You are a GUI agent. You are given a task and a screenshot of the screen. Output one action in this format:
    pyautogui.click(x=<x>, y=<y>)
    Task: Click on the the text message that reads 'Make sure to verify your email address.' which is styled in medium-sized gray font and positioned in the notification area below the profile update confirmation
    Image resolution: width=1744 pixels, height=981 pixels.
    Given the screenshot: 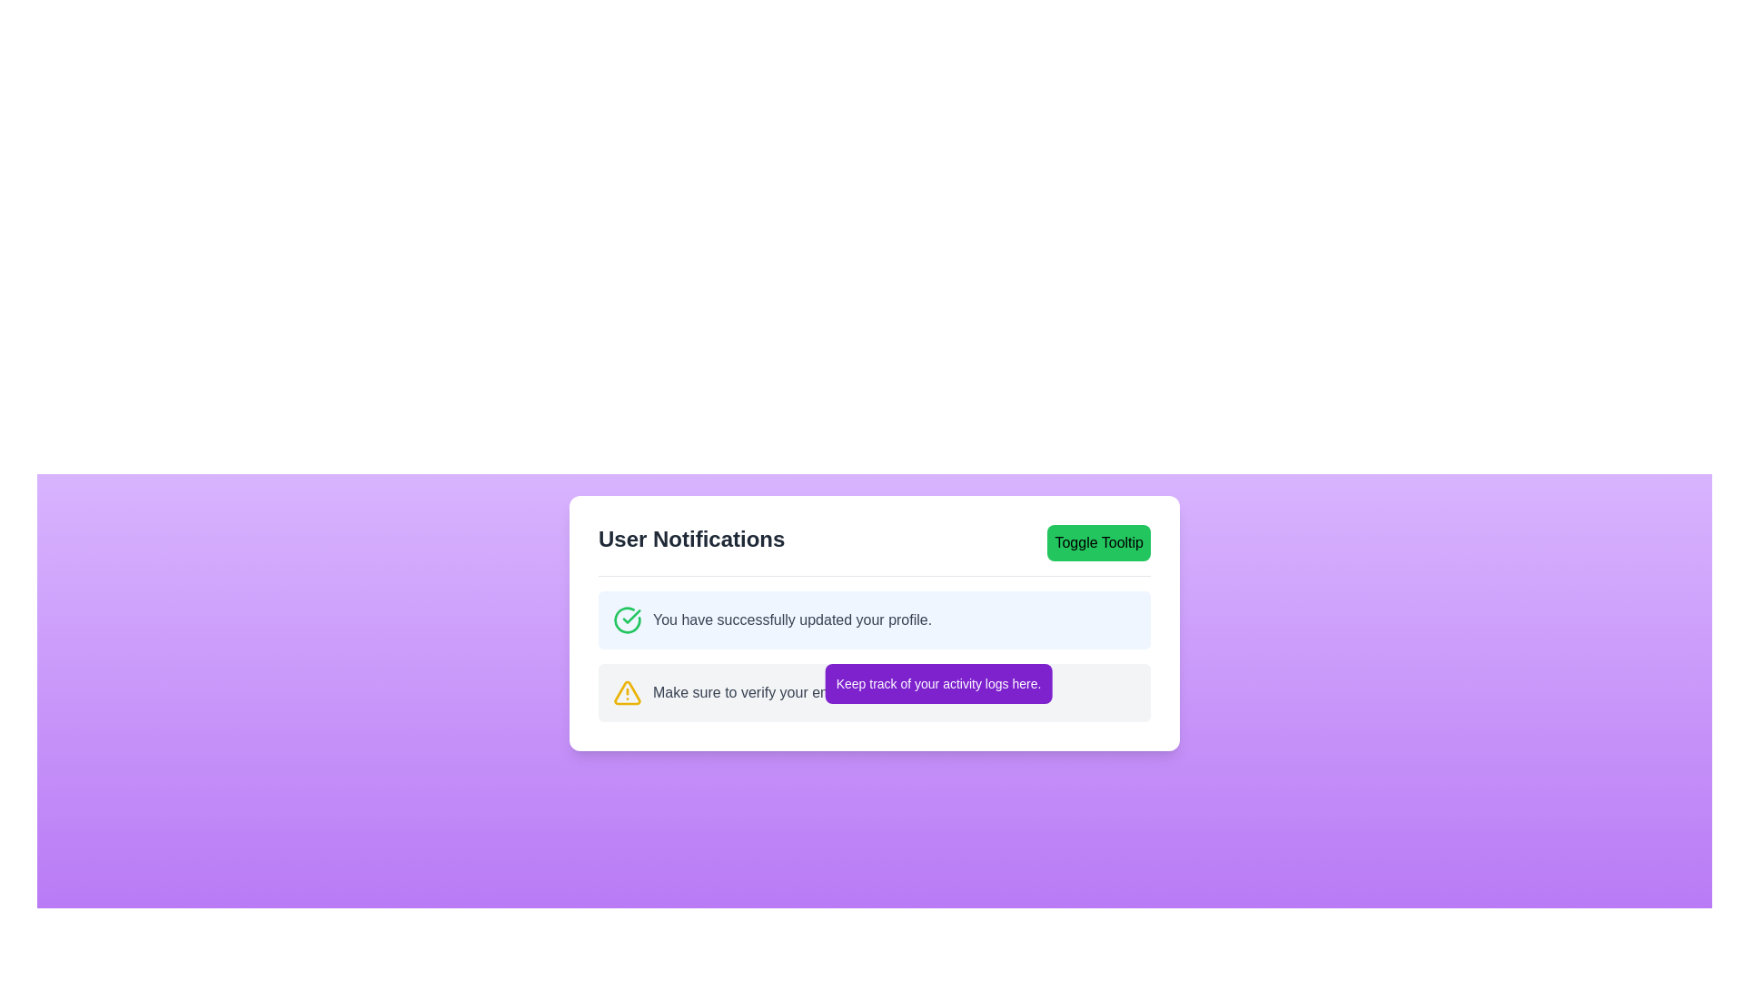 What is the action you would take?
    pyautogui.click(x=779, y=693)
    